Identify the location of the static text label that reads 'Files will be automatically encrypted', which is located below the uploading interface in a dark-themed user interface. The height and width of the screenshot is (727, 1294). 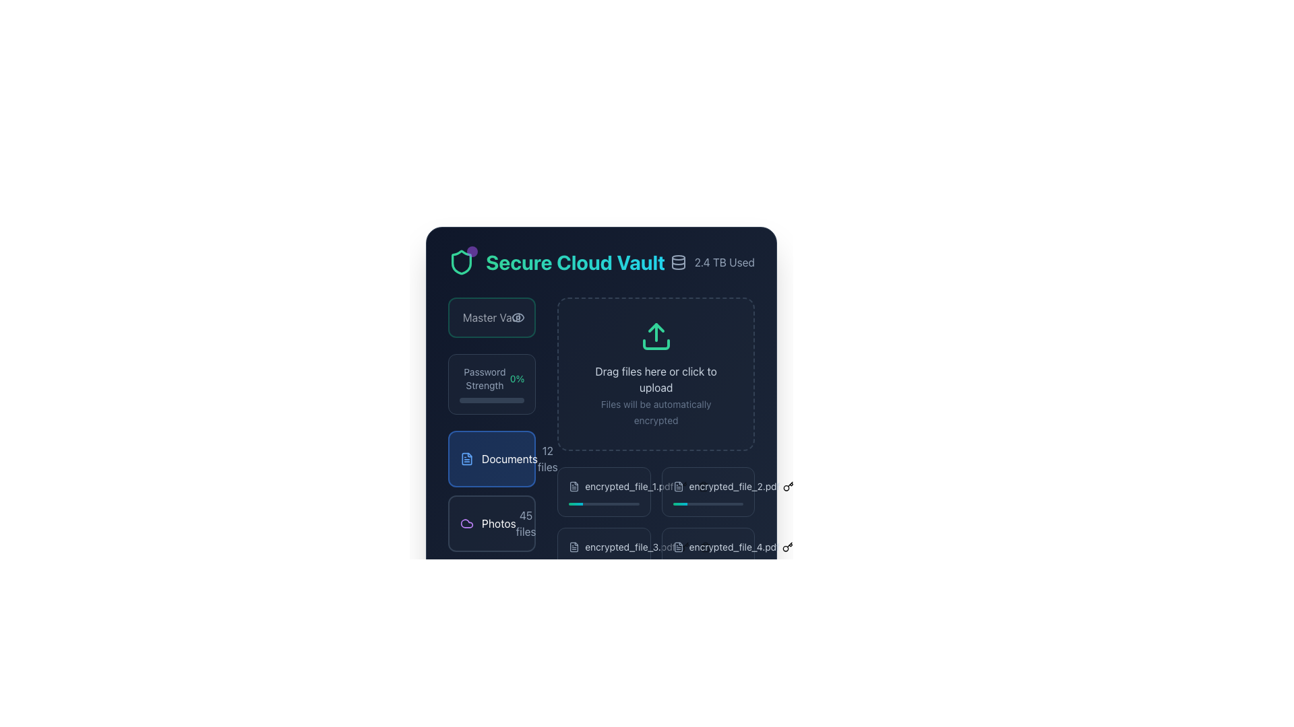
(656, 411).